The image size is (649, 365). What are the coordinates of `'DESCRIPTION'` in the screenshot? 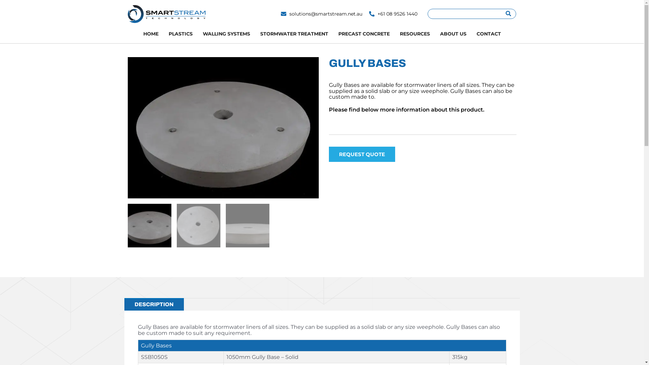 It's located at (124, 305).